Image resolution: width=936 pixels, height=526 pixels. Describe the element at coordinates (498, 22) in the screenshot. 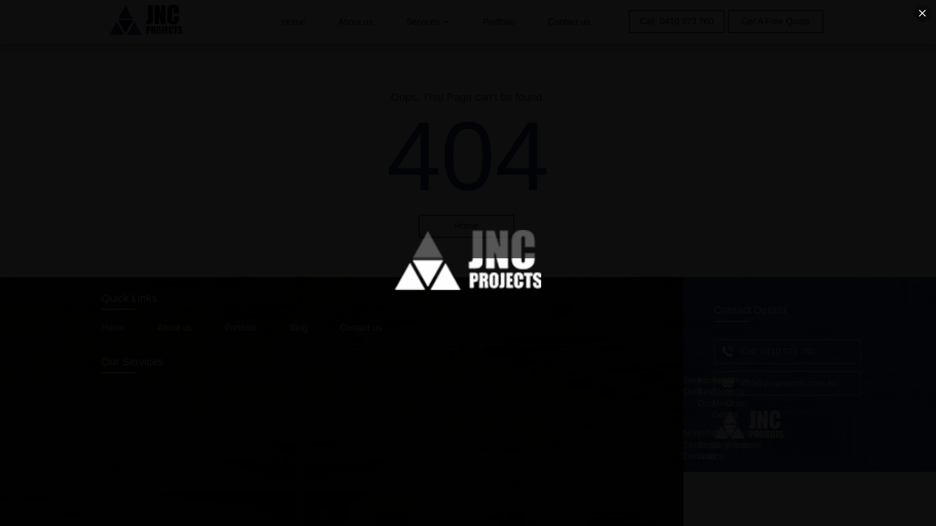

I see `'Portfolio'` at that location.